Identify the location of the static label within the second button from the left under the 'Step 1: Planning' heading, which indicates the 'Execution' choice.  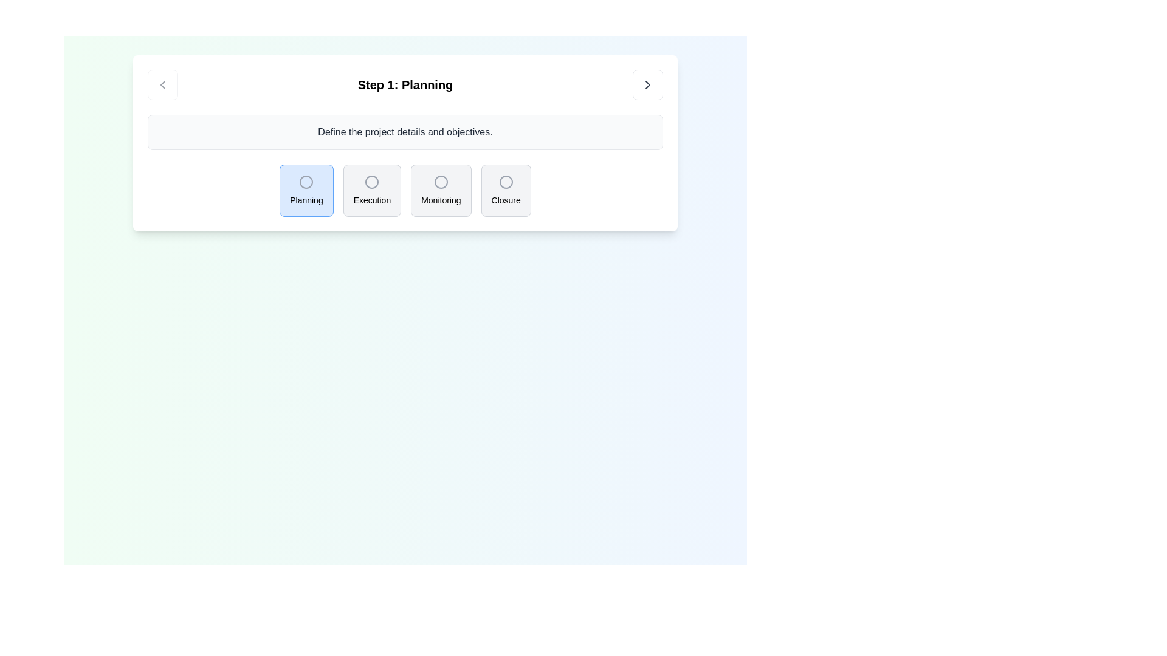
(371, 200).